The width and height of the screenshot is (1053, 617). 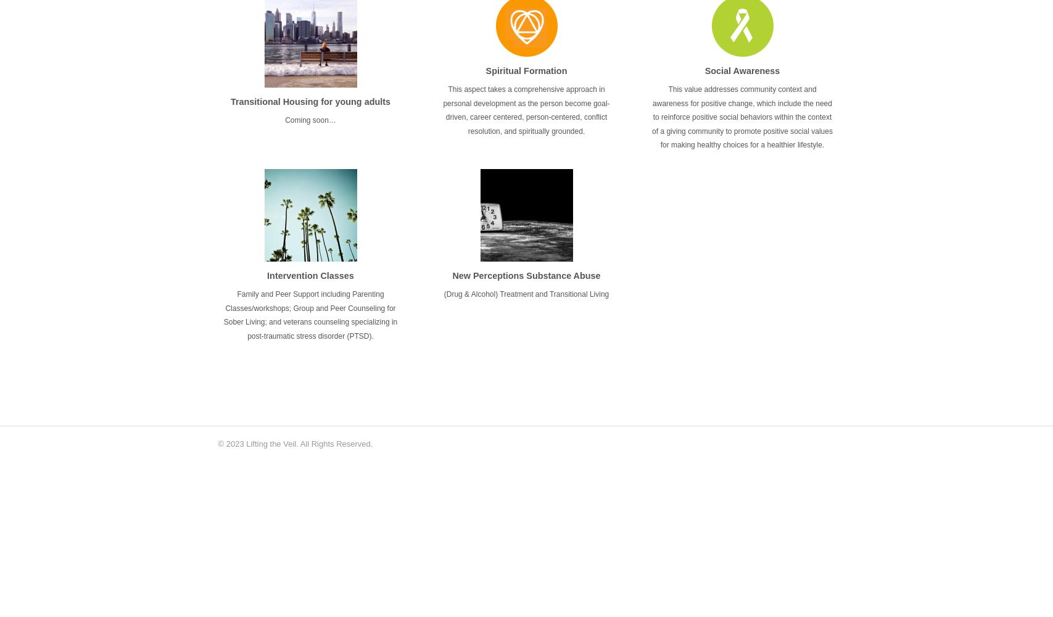 I want to click on 'This aspect takes a comprehensive approach in personal development as the person become goal-driven, career centered, person-centered, conflict resolution, and spiritually grounded.', so click(x=526, y=110).